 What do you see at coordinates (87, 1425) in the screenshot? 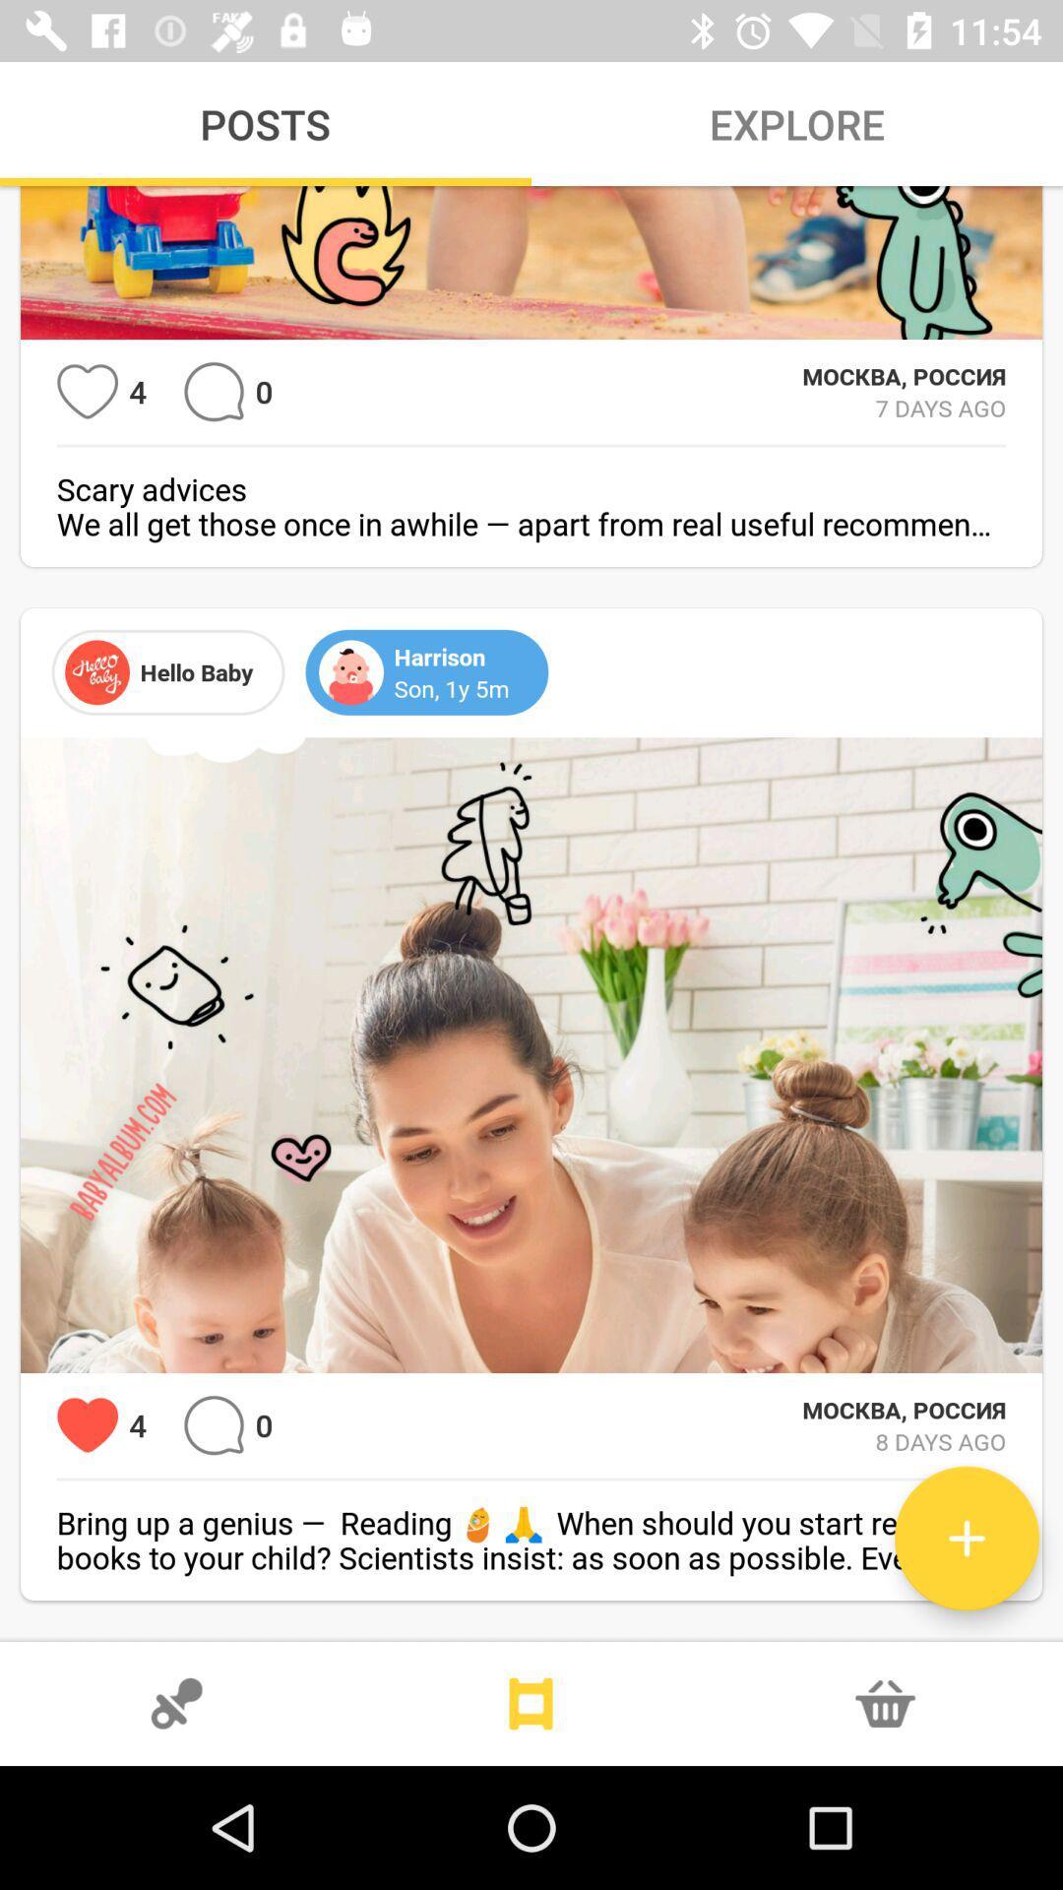
I see `like page` at bounding box center [87, 1425].